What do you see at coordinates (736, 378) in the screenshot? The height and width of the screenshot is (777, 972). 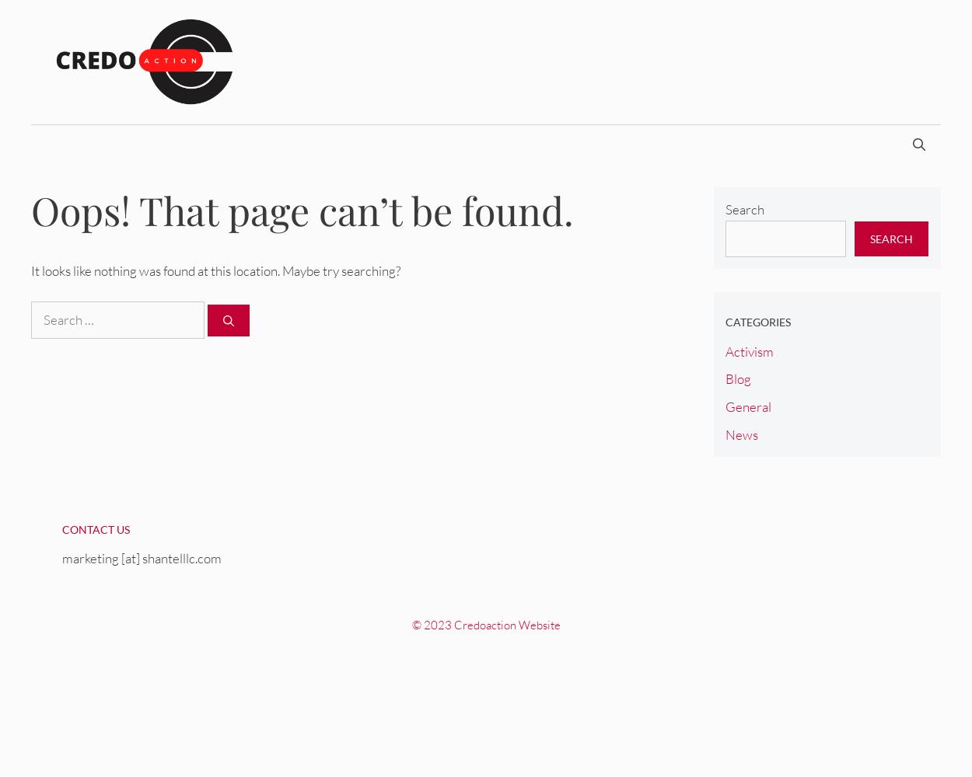 I see `'Blog'` at bounding box center [736, 378].